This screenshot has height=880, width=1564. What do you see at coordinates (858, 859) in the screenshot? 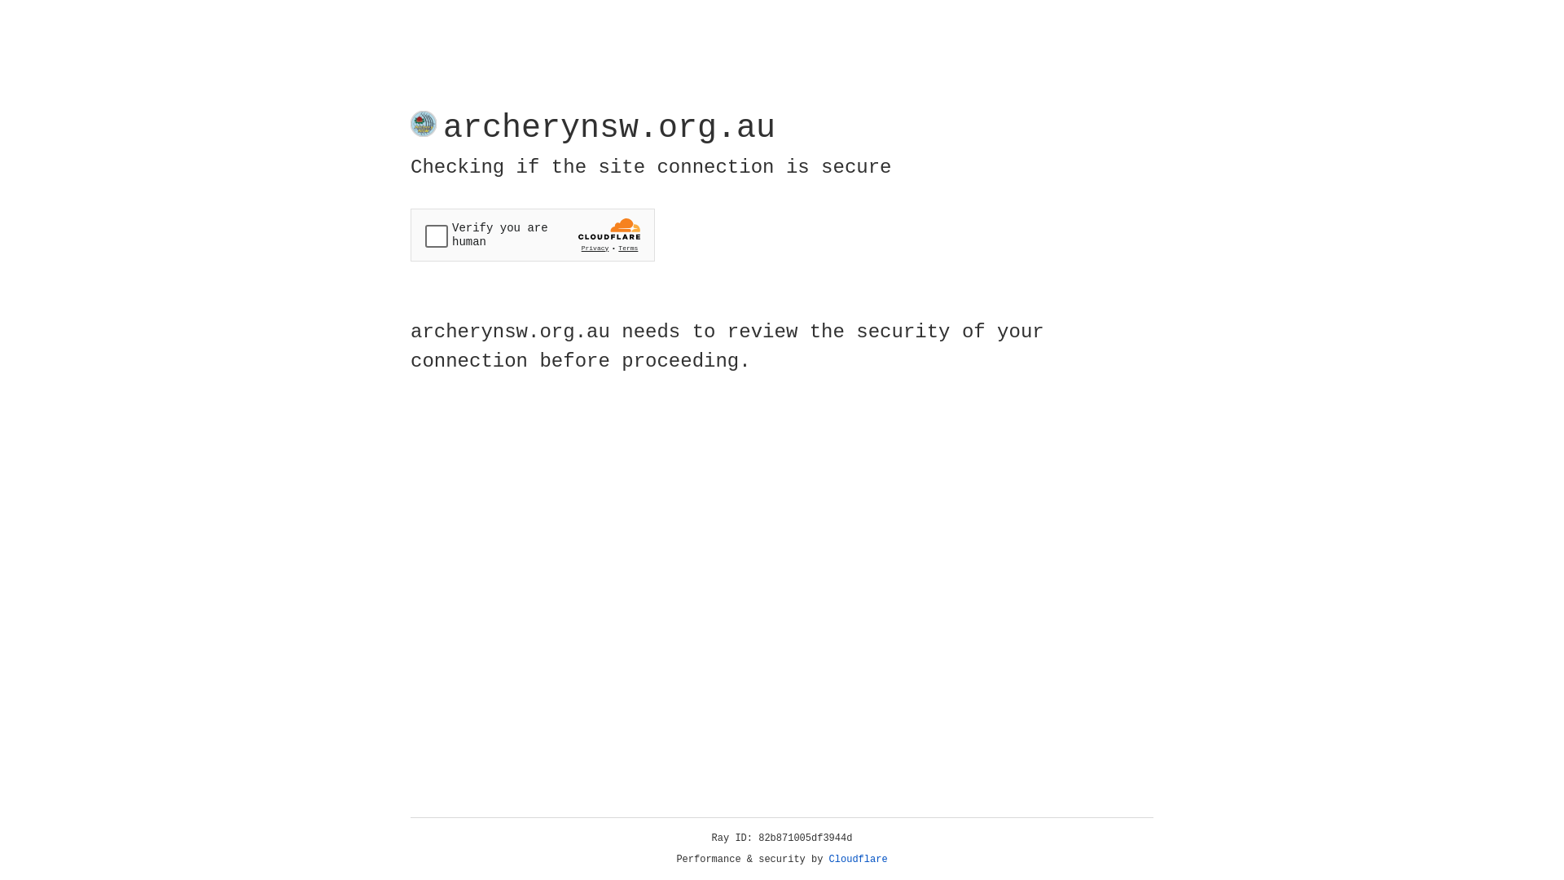
I see `'Cloudflare'` at bounding box center [858, 859].